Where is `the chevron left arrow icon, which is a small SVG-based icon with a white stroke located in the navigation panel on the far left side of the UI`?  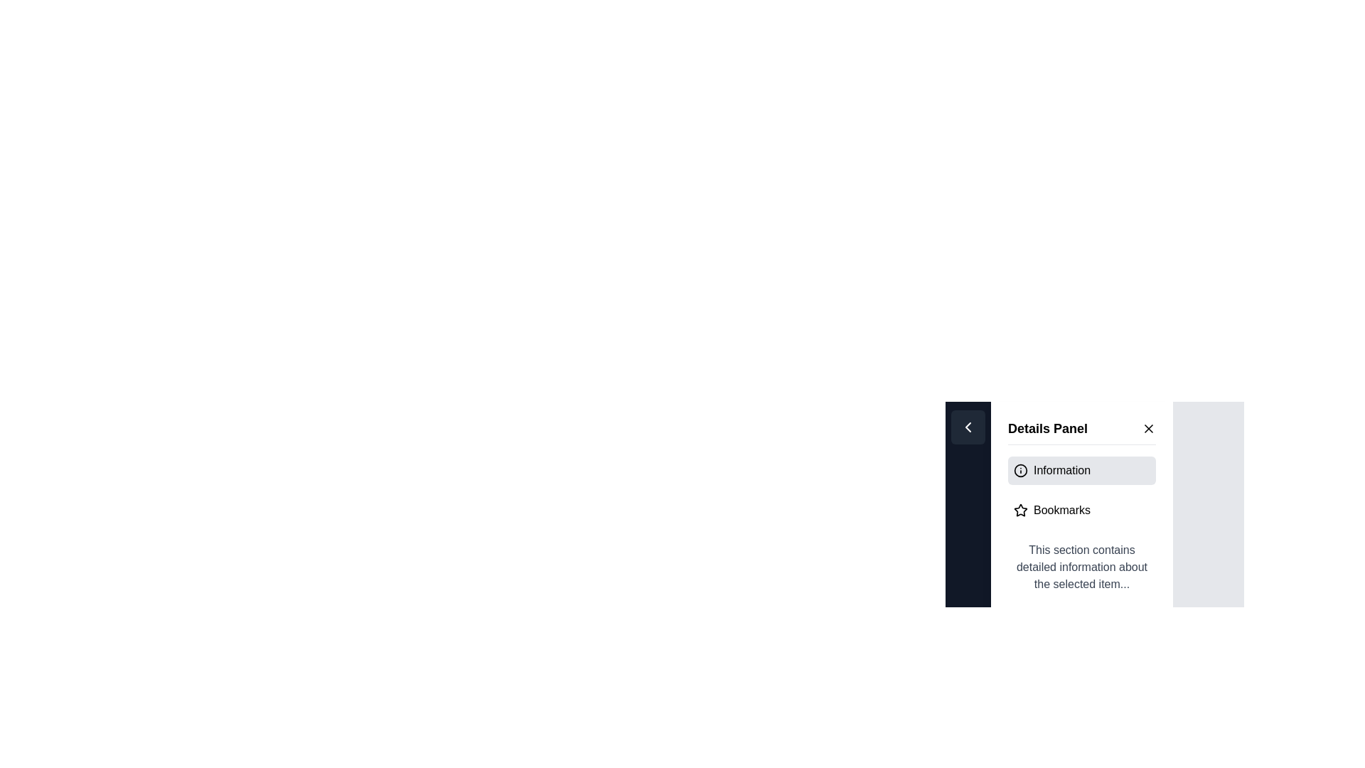
the chevron left arrow icon, which is a small SVG-based icon with a white stroke located in the navigation panel on the far left side of the UI is located at coordinates (968, 427).